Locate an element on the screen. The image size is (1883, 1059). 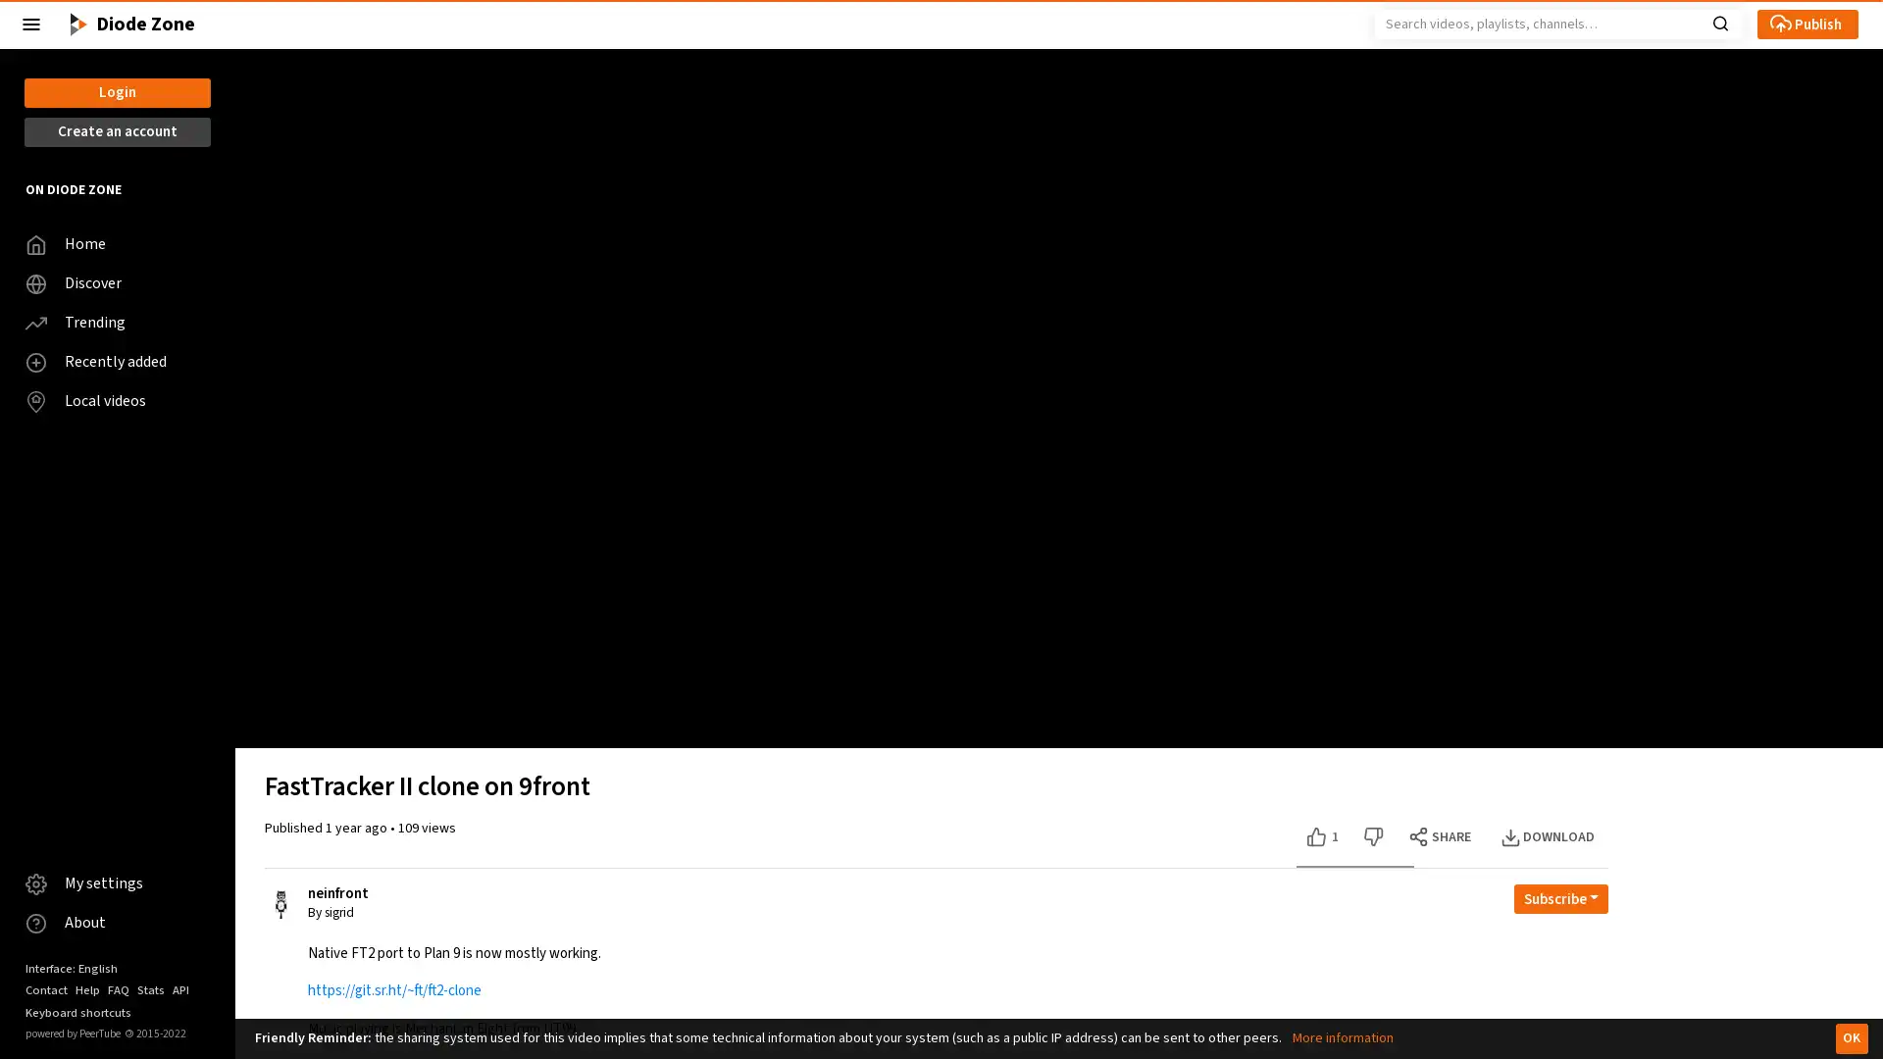
Dislike this video is located at coordinates (1372, 836).